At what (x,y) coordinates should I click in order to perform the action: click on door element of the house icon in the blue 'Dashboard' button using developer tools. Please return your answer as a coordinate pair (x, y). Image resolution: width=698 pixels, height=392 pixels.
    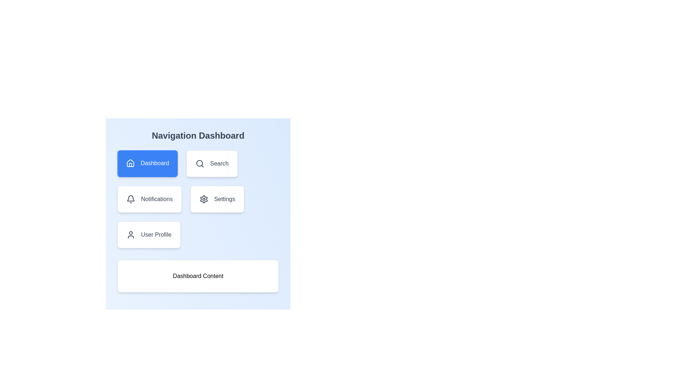
    Looking at the image, I should click on (131, 165).